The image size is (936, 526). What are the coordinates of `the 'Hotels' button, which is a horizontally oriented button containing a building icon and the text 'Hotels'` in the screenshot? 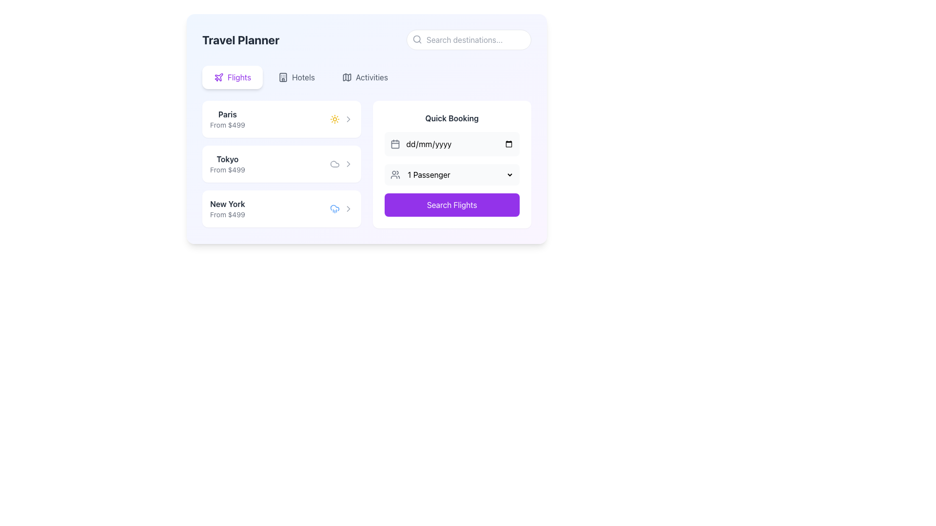 It's located at (296, 76).